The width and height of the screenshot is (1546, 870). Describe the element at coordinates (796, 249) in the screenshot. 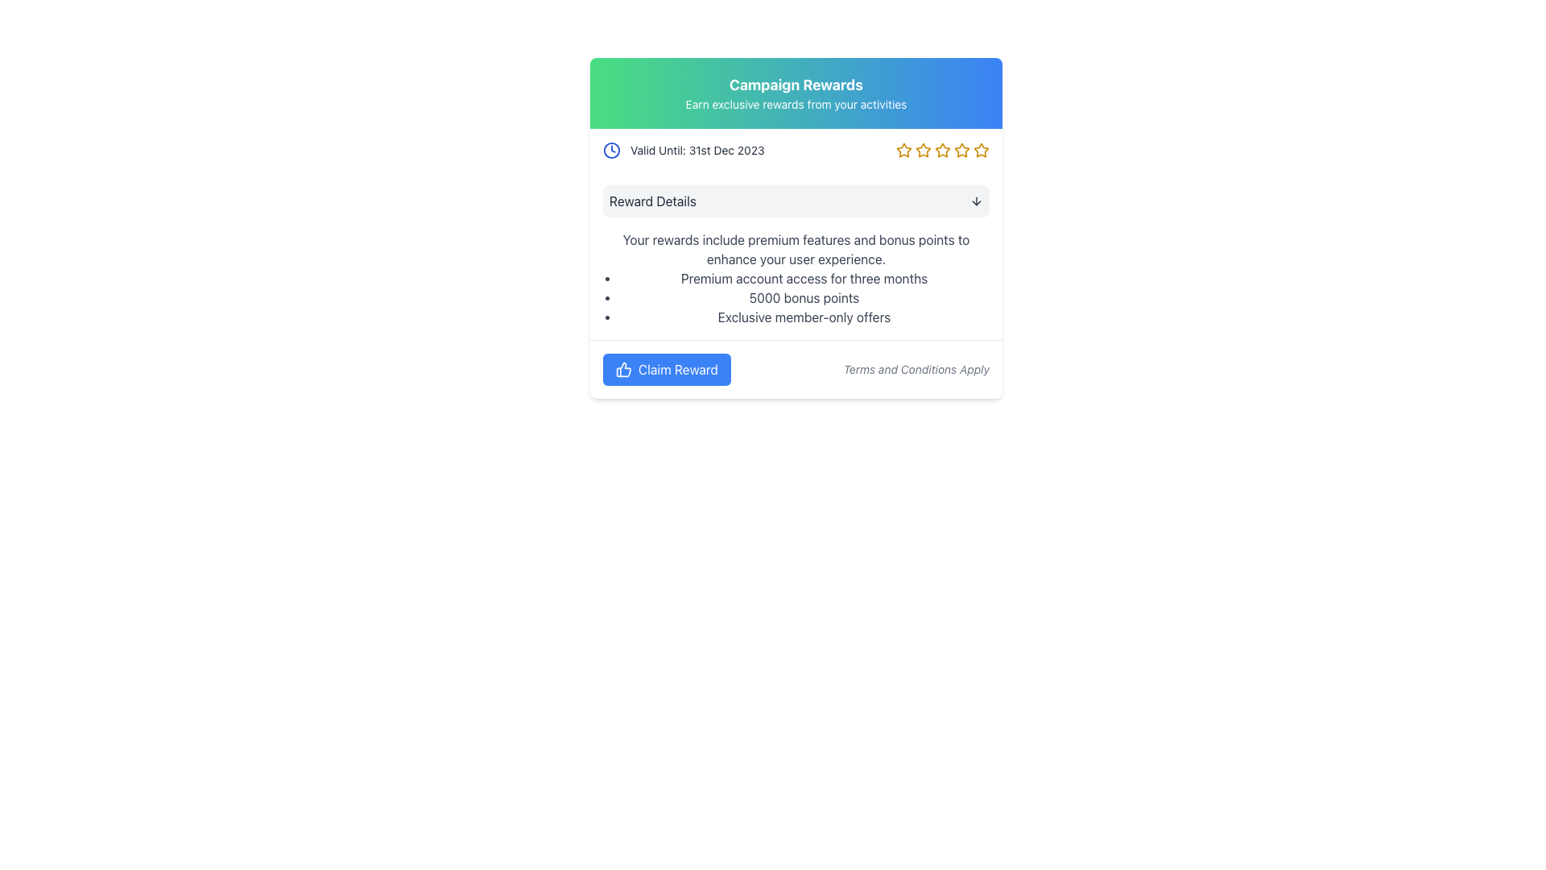

I see `the static text content that summarizes the user's rewards, located under the 'Reward Details' section` at that location.